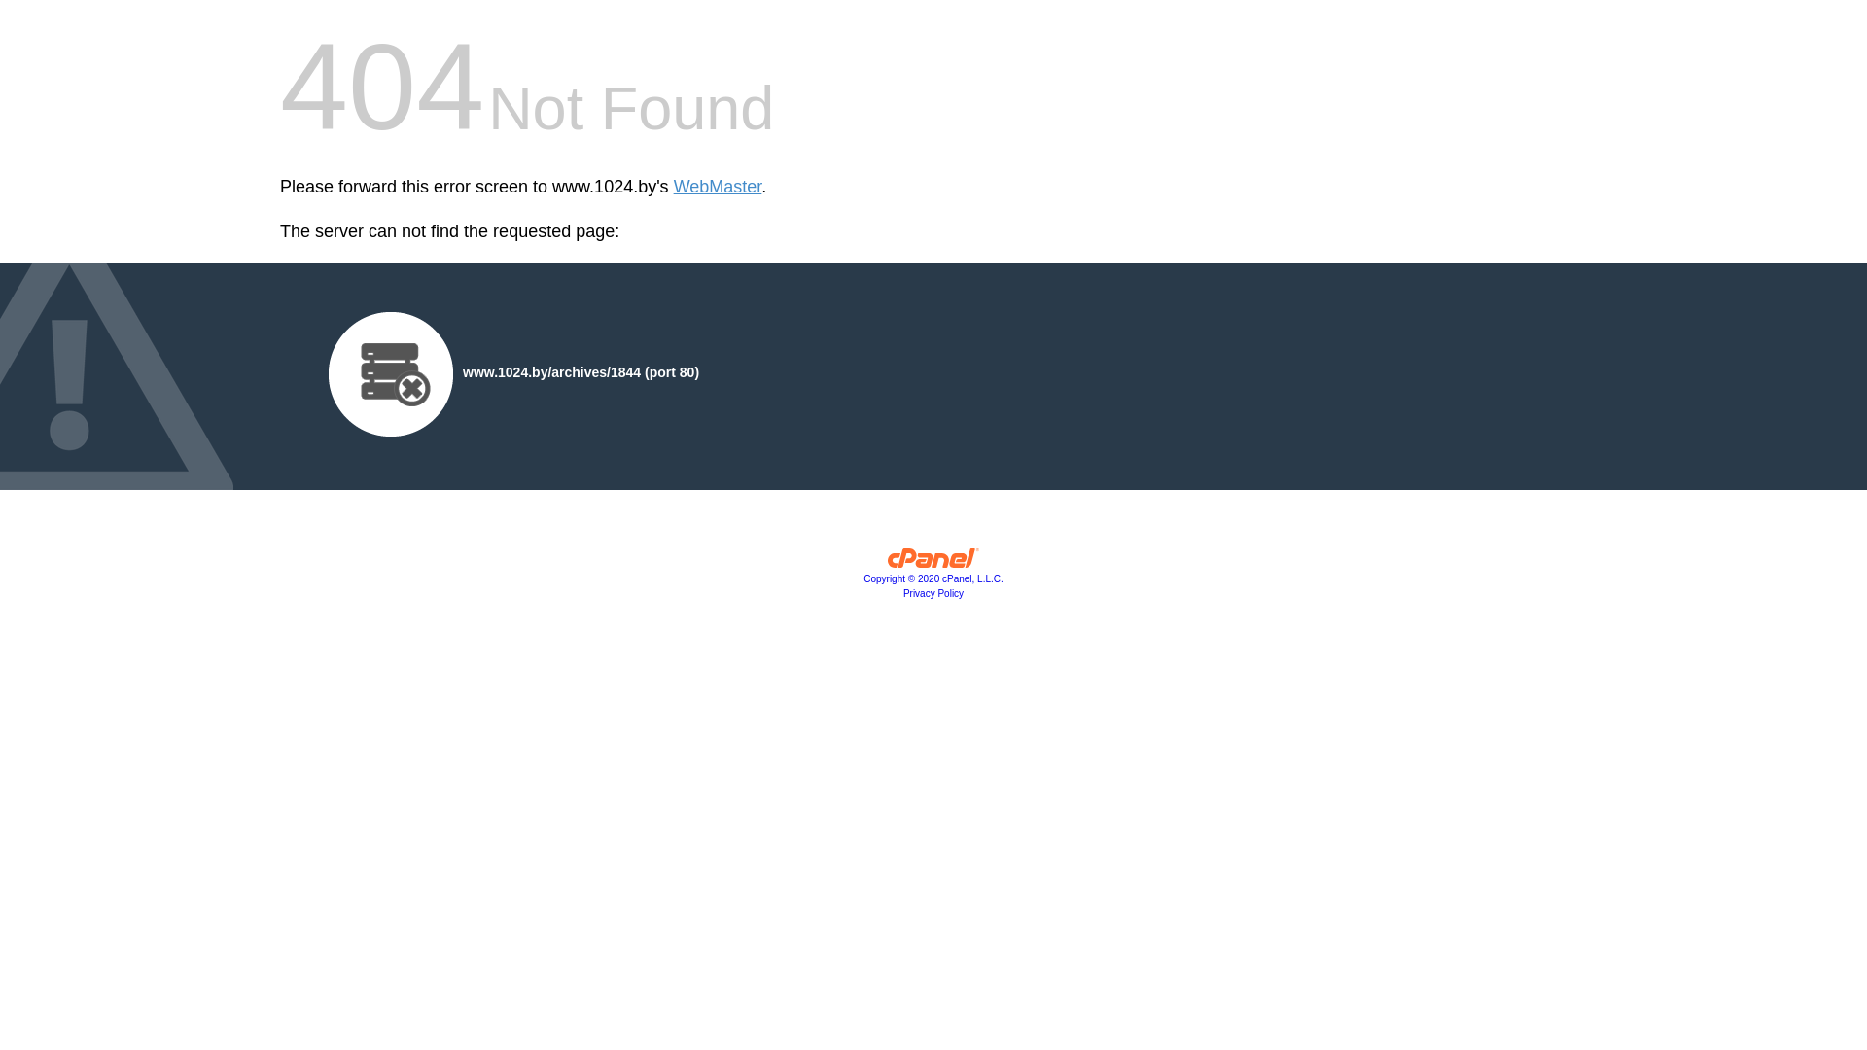  Describe the element at coordinates (717, 187) in the screenshot. I see `'WebMaster'` at that location.